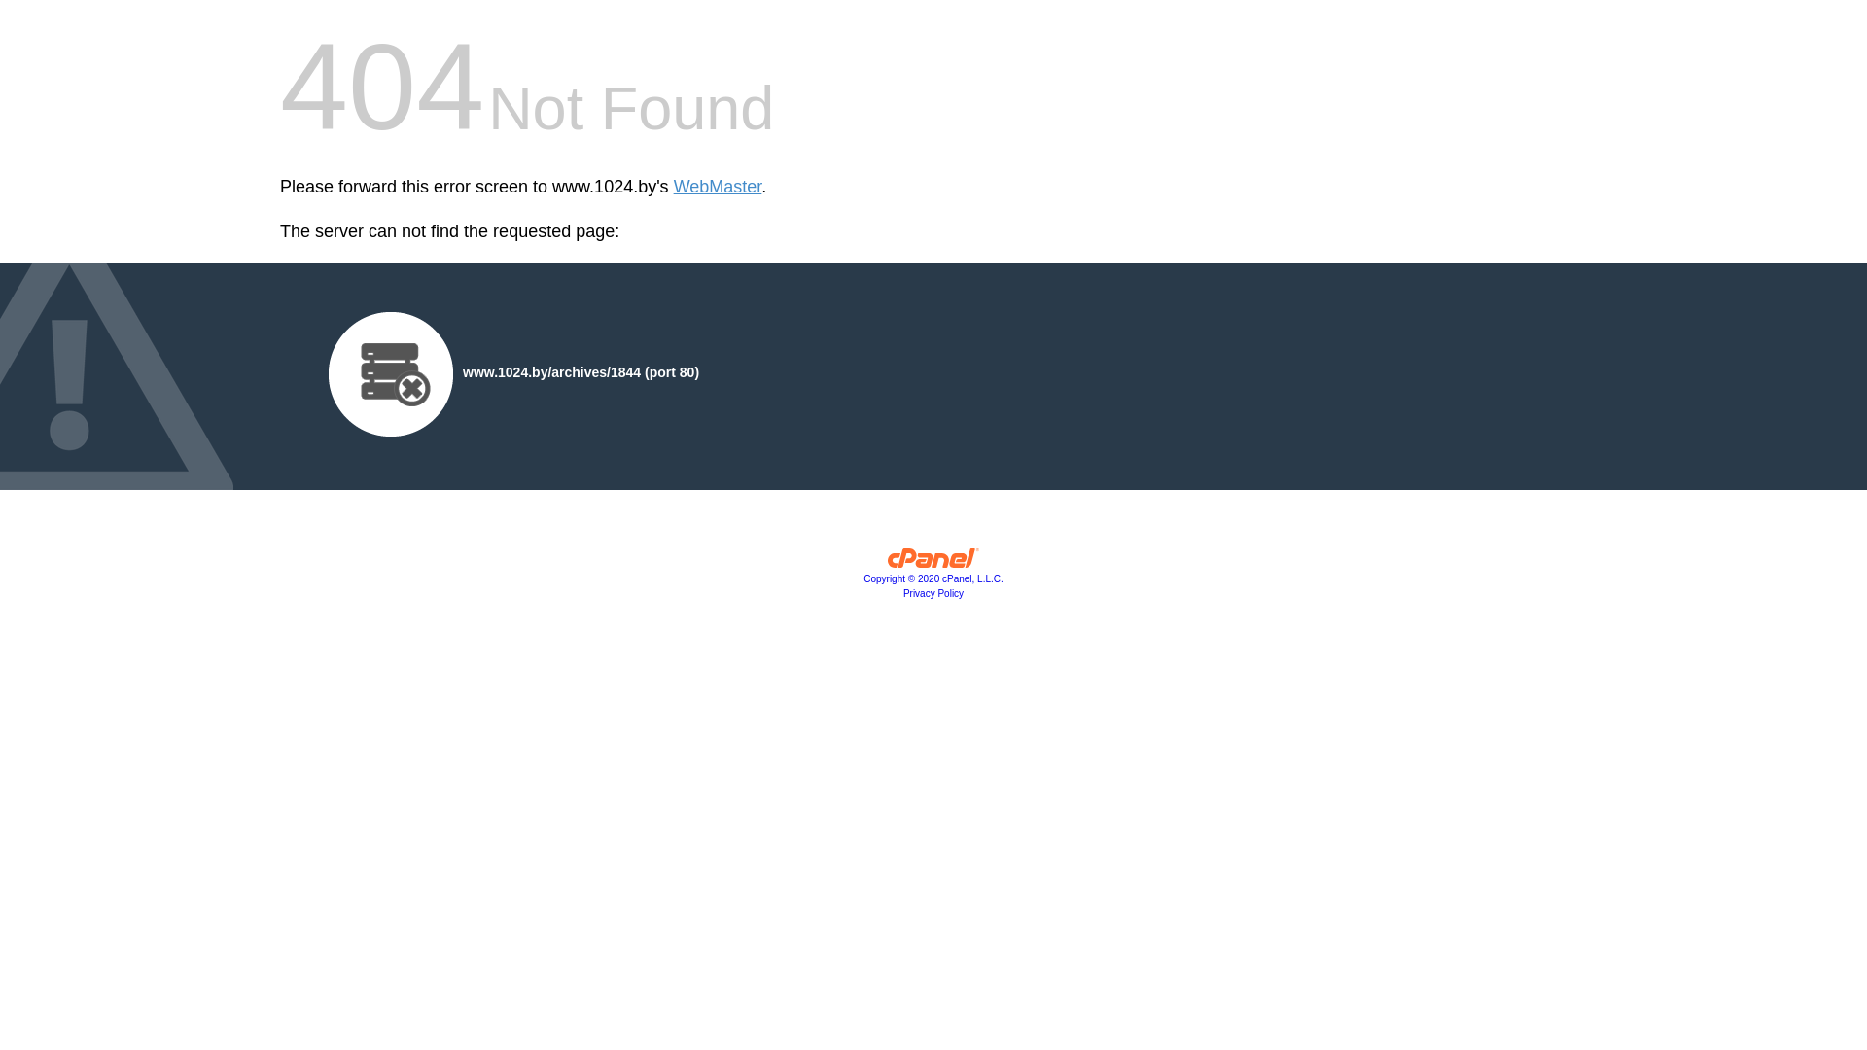  Describe the element at coordinates (717, 187) in the screenshot. I see `'WebMaster'` at that location.